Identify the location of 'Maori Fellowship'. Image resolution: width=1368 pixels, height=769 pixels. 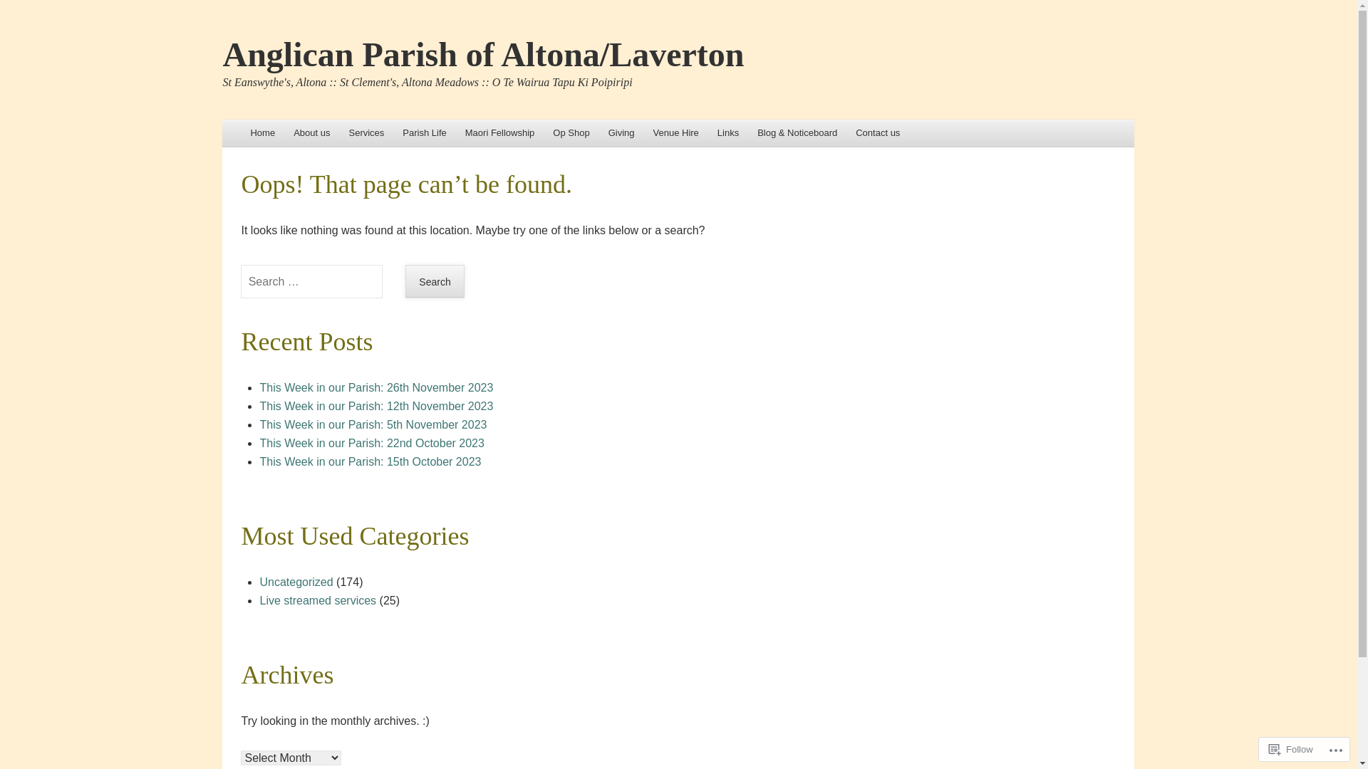
(499, 133).